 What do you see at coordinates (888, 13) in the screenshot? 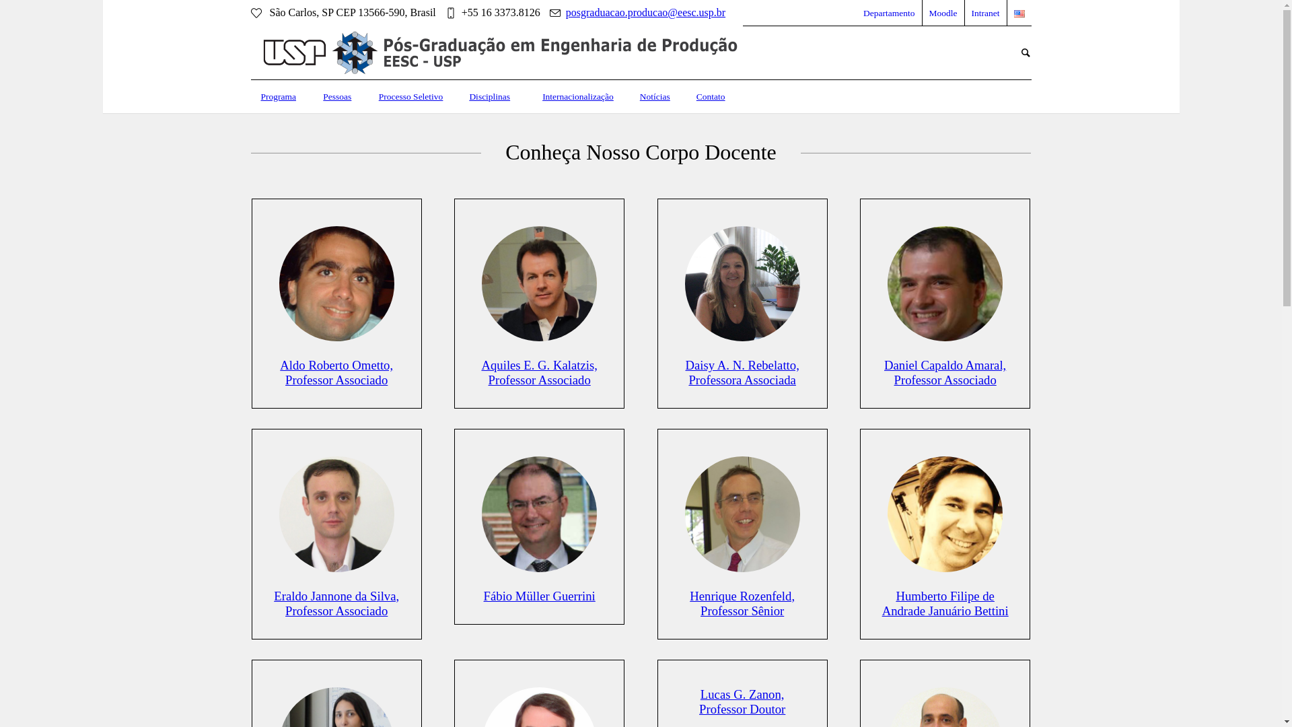
I see `'Departamento'` at bounding box center [888, 13].